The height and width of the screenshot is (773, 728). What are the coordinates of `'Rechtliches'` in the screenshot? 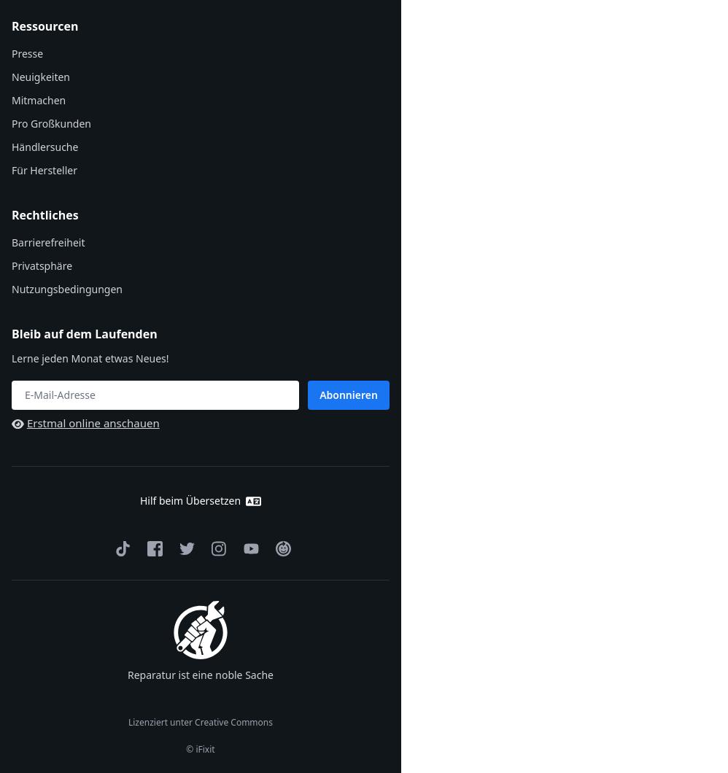 It's located at (44, 214).